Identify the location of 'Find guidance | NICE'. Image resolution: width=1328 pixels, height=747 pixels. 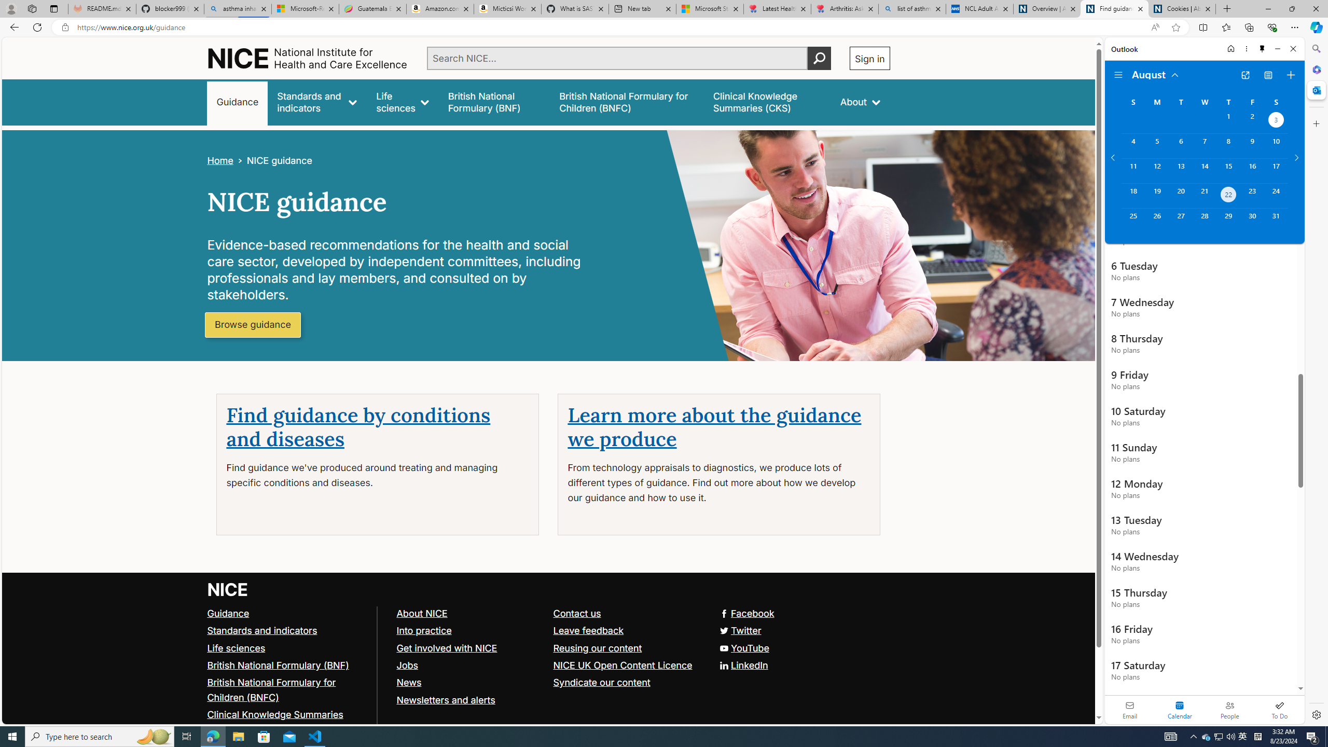
(1114, 8).